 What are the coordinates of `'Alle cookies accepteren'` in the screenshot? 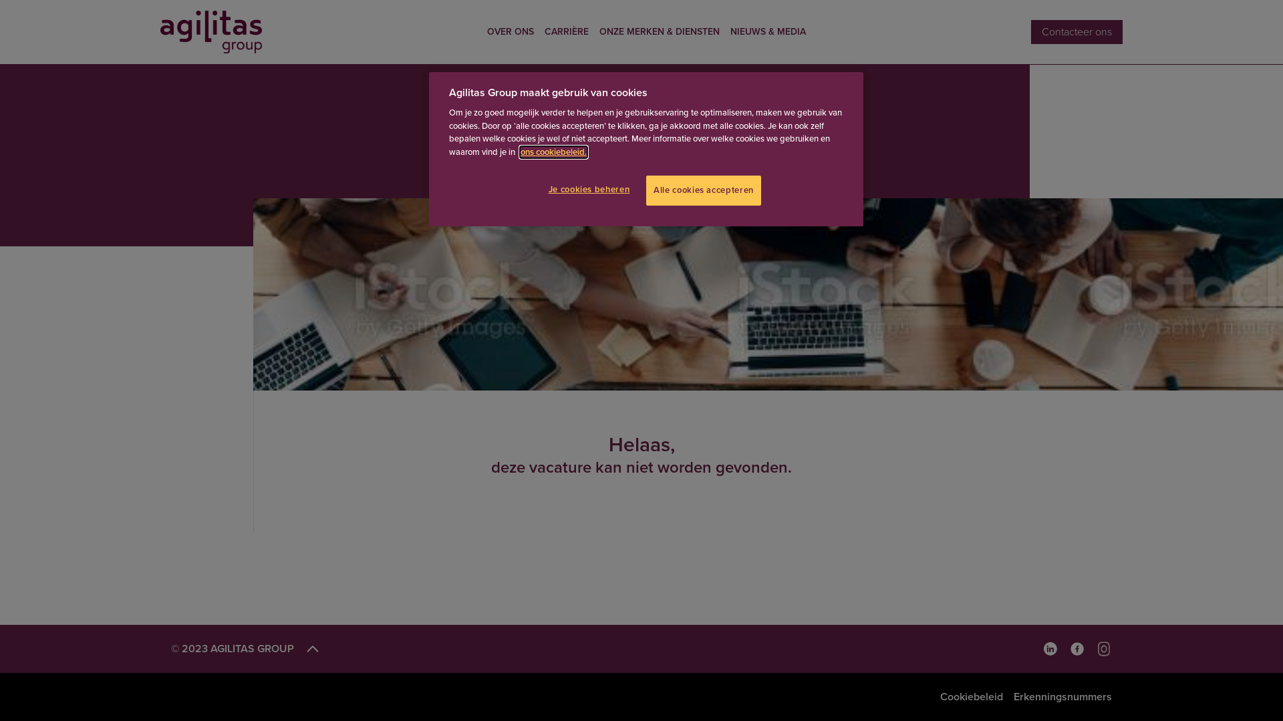 It's located at (702, 190).